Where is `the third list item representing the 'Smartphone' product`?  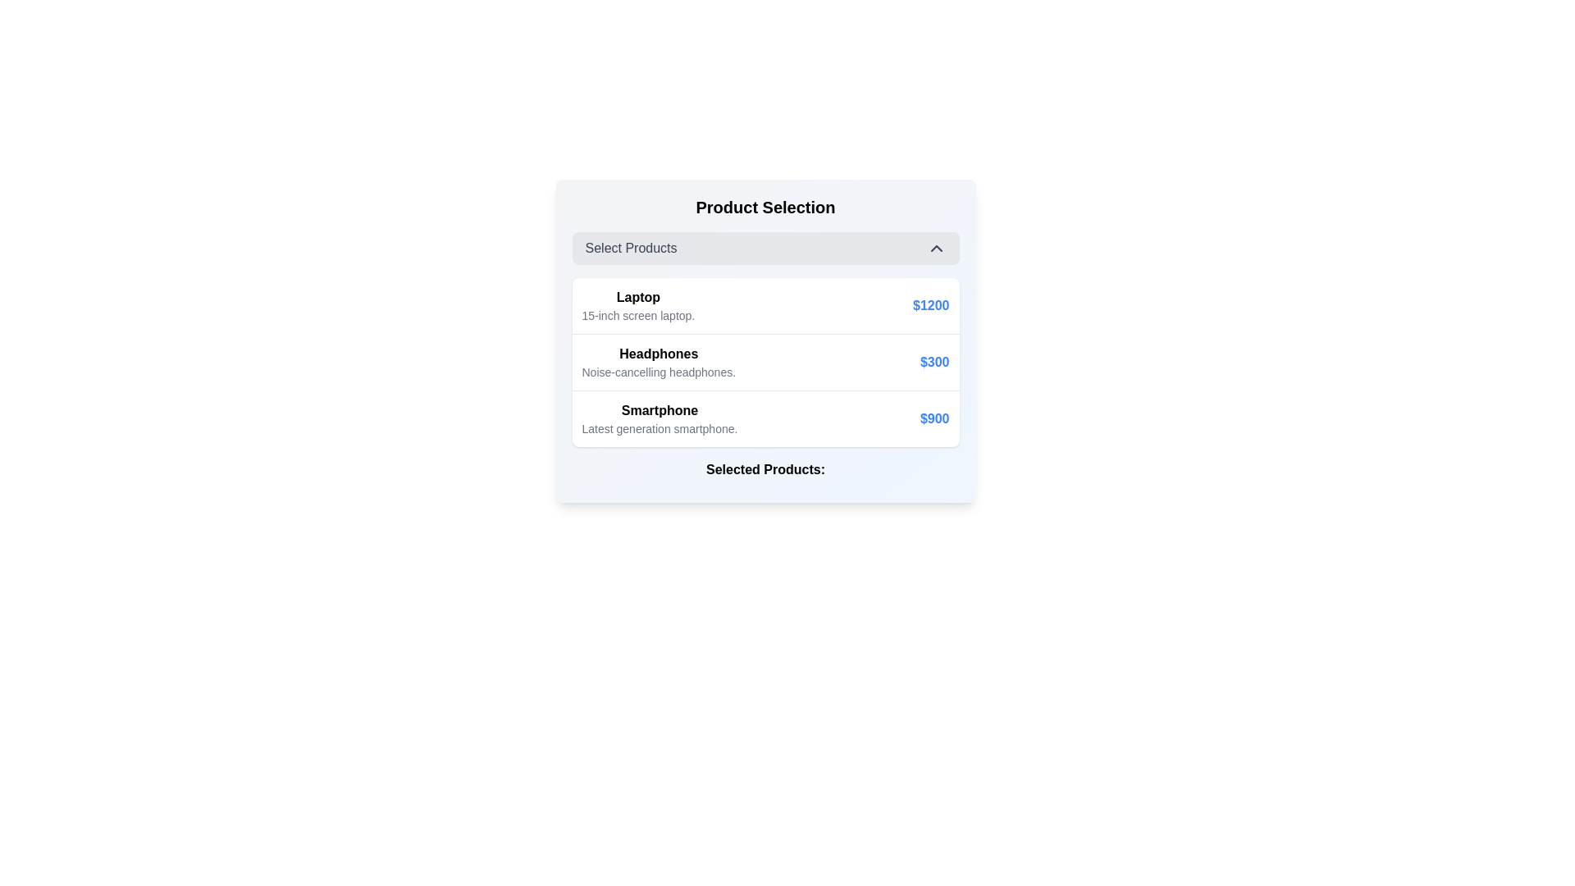 the third list item representing the 'Smartphone' product is located at coordinates (765, 418).